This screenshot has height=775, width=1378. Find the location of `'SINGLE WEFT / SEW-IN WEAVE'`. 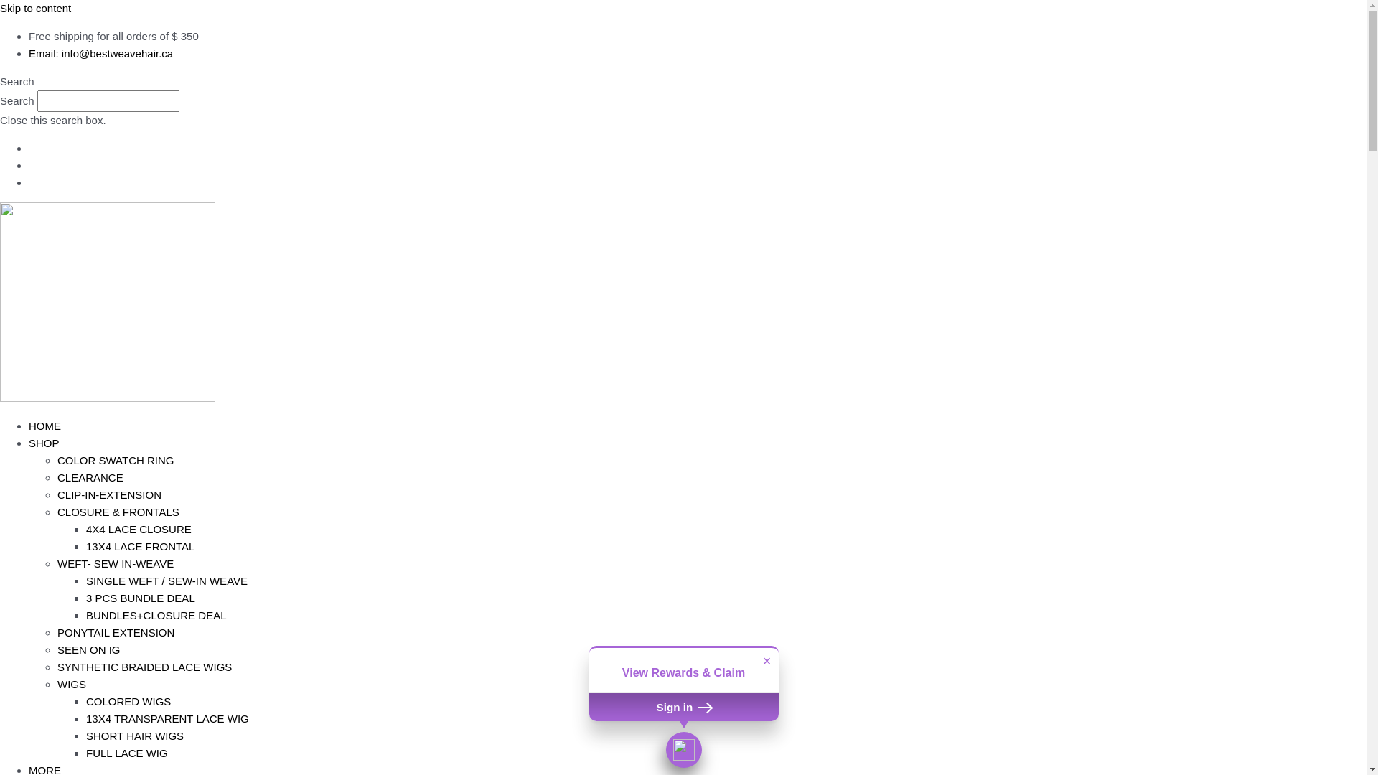

'SINGLE WEFT / SEW-IN WEAVE' is located at coordinates (167, 580).